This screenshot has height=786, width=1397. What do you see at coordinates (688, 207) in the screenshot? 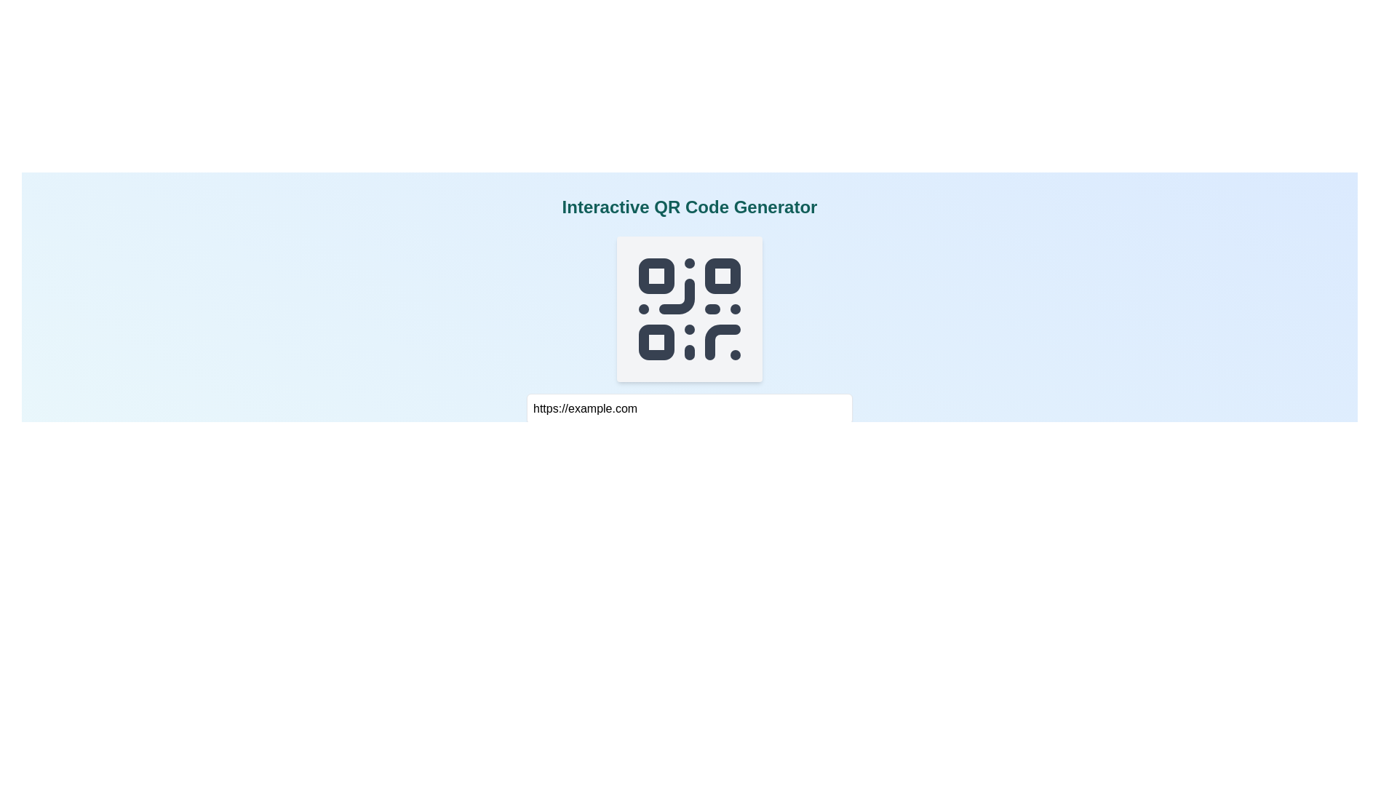
I see `header text 'Interactive QR Code Generator', which is a bold, large teal text located at the top center of the display` at bounding box center [688, 207].